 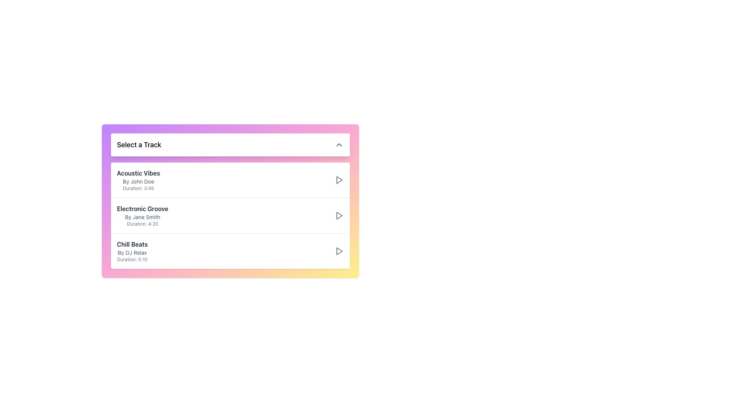 What do you see at coordinates (230, 251) in the screenshot?
I see `the third track item in the playlist, which is positioned below 'Acoustic Vibes' and 'Electronic Groove'` at bounding box center [230, 251].